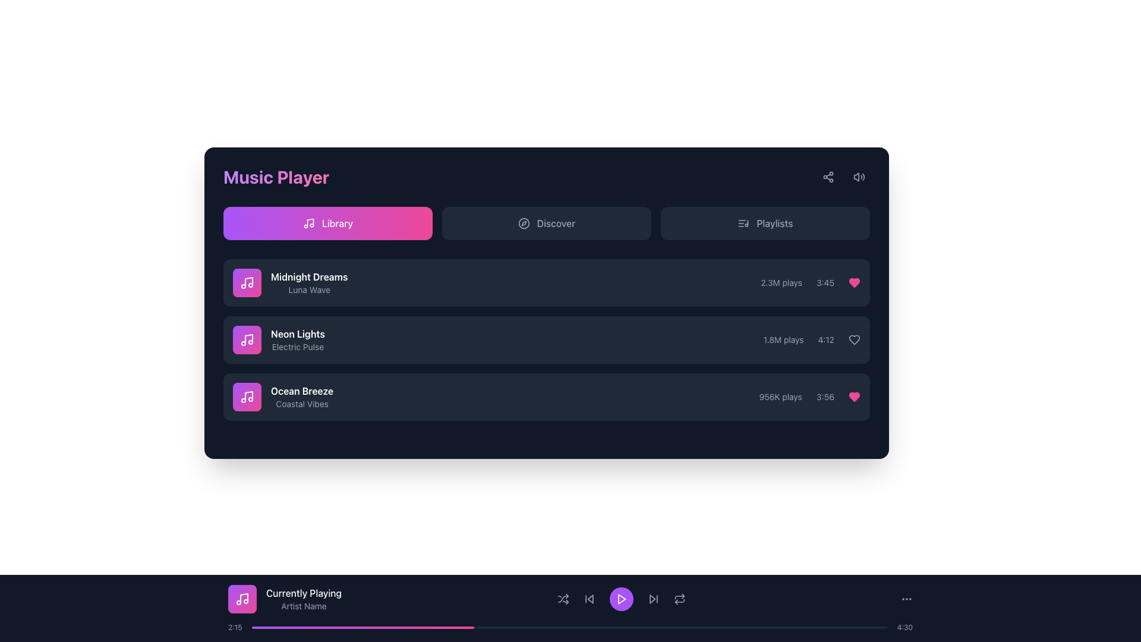 This screenshot has width=1141, height=642. What do you see at coordinates (859, 177) in the screenshot?
I see `the circular button featuring a speaker icon with sound waves emanating outward, which changes color from gray to purple on hover, located in the upper right corner of the dark-colored panel` at bounding box center [859, 177].